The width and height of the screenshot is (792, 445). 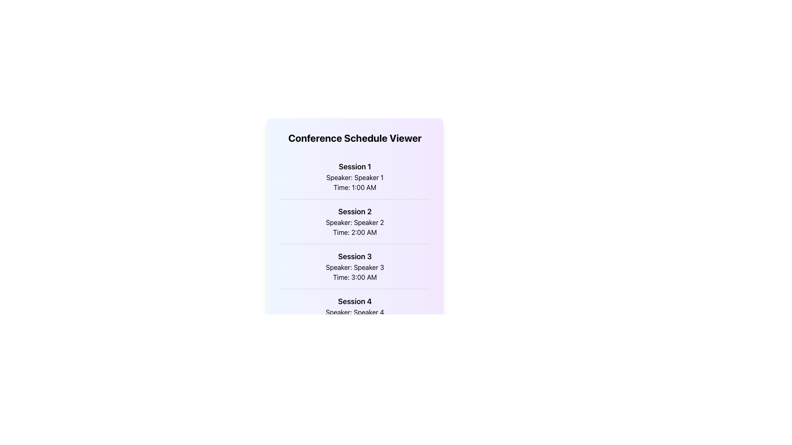 What do you see at coordinates (355, 311) in the screenshot?
I see `the static text display for 'Session 4', which shows details including 'Speaker: Speaker 4' and 'Time: 4:00 AM', positioned in the center-bottom portion of the visible list of session entries` at bounding box center [355, 311].